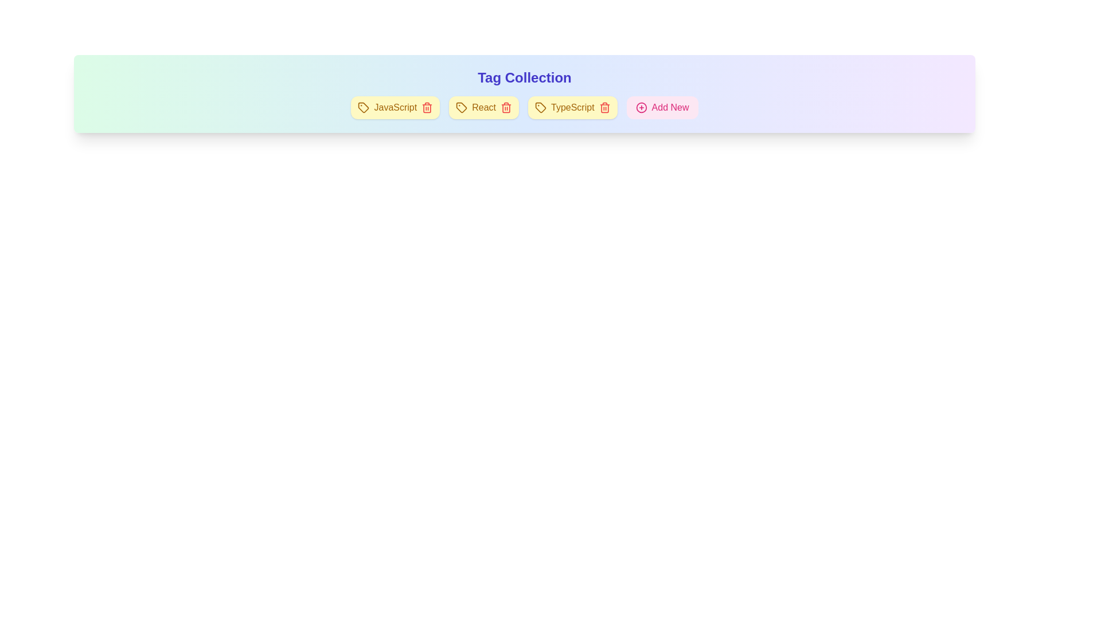 The width and height of the screenshot is (1101, 619). What do you see at coordinates (363, 108) in the screenshot?
I see `the tag-shaped icon located at the leftmost side of the 'JavaScript' pill, which serves as a decorative element for the corresponding label text` at bounding box center [363, 108].